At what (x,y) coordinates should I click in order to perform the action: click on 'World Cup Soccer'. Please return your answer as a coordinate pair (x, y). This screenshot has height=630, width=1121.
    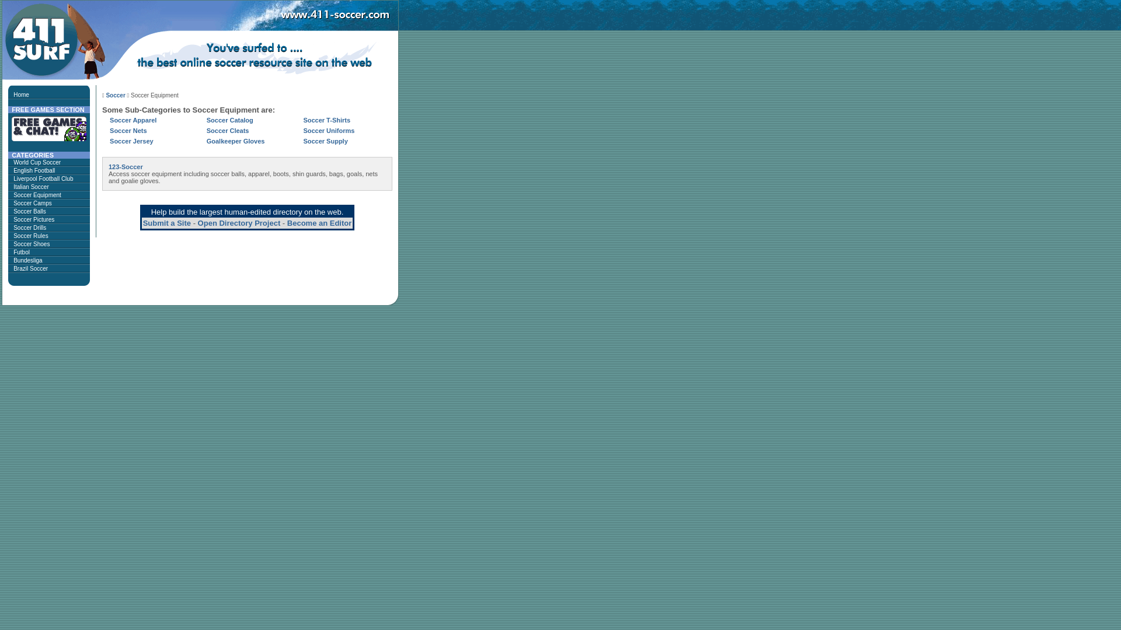
    Looking at the image, I should click on (37, 162).